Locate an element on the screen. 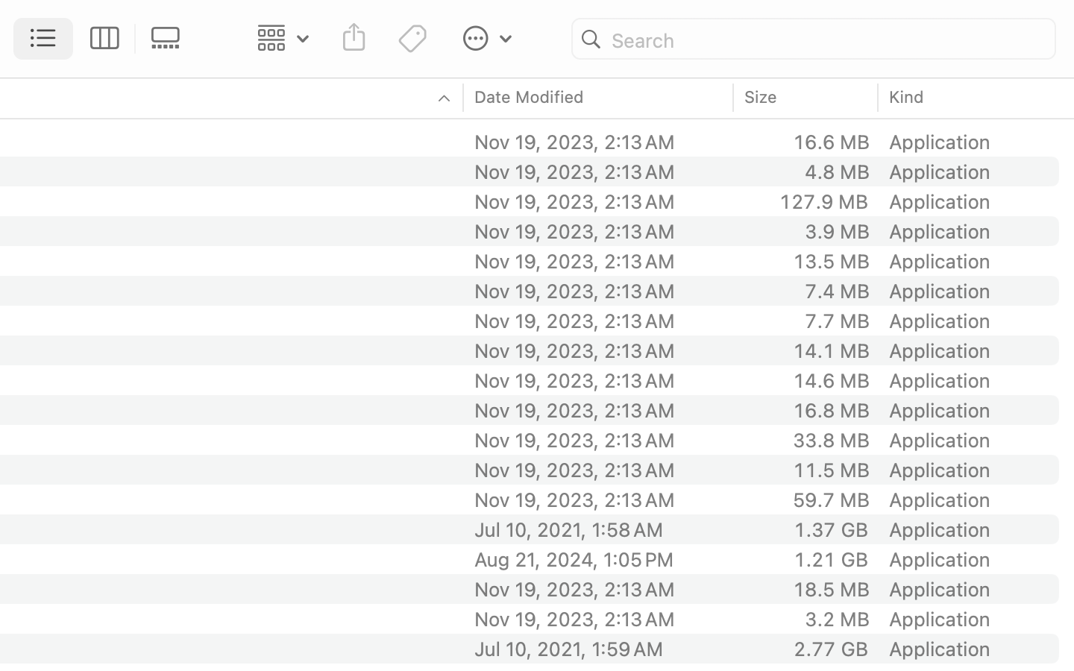 This screenshot has height=671, width=1074. '14.6 MB' is located at coordinates (829, 379).